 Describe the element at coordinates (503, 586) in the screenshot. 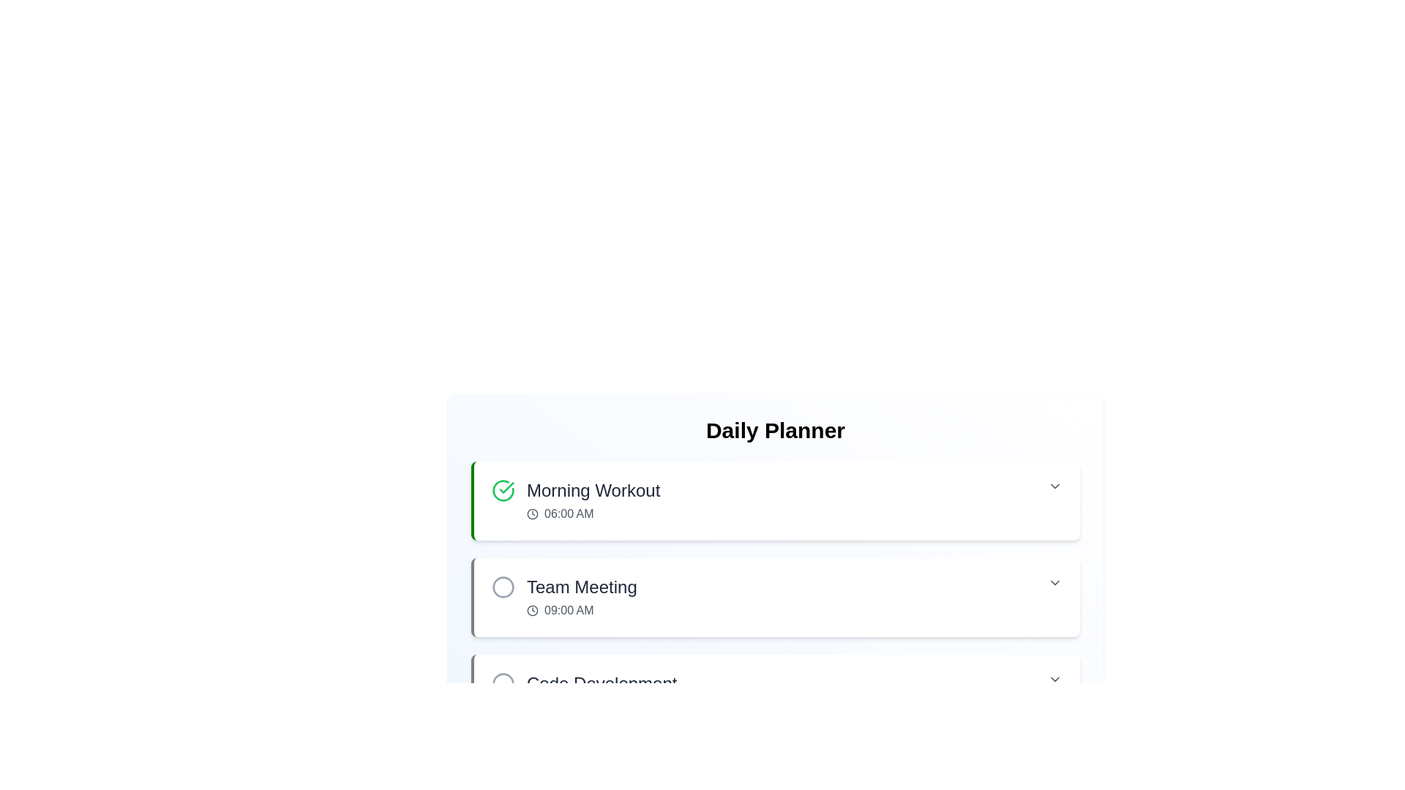

I see `the circular status icon with a hollow center, gray outline, located to the left of the text 'Team Meeting' in the second entry of the task list` at that location.